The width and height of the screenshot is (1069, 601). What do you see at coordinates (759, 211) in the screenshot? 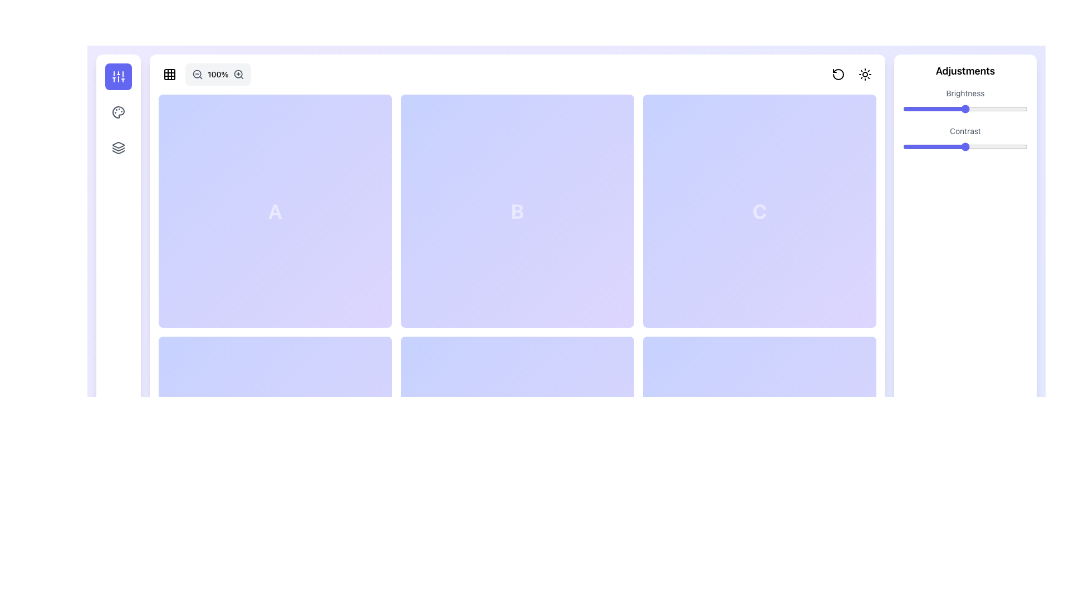
I see `the tile-style button or card in the top-right position of the 3x2 grid layout, which has a gradient background from indigo to violet and features a large white letter 'C' in bold font` at bounding box center [759, 211].